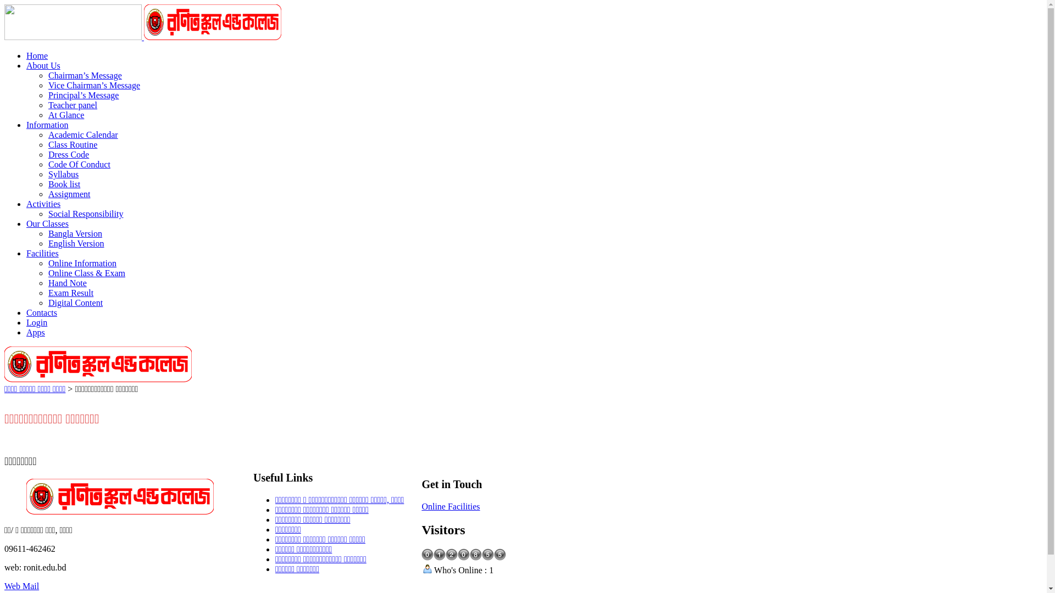  I want to click on 'Online Information', so click(47, 263).